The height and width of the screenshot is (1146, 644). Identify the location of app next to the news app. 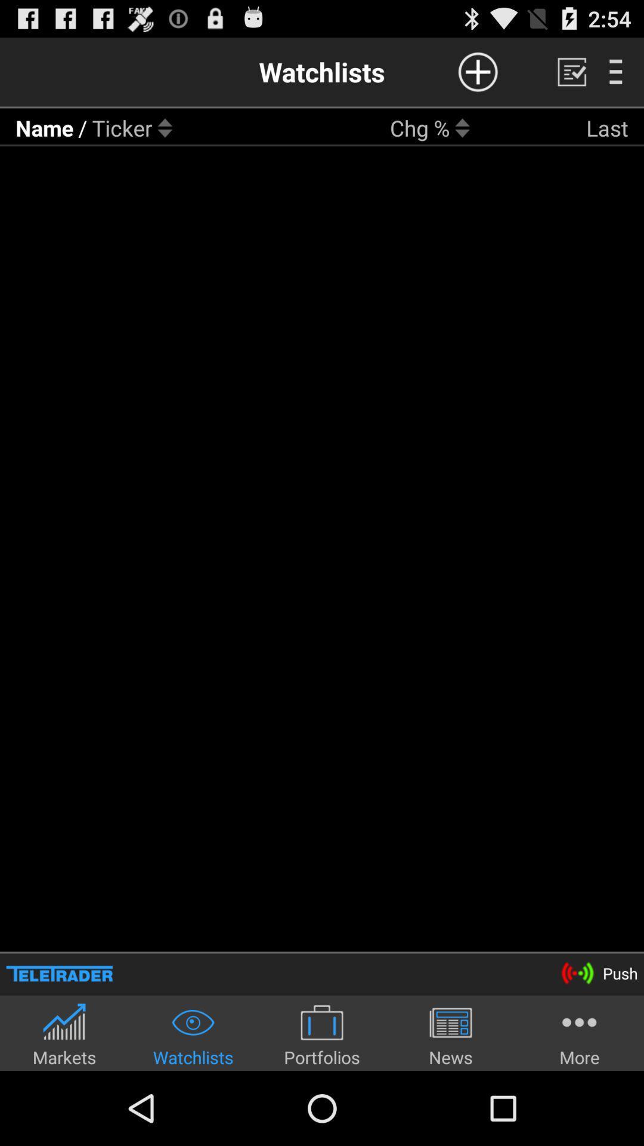
(579, 1034).